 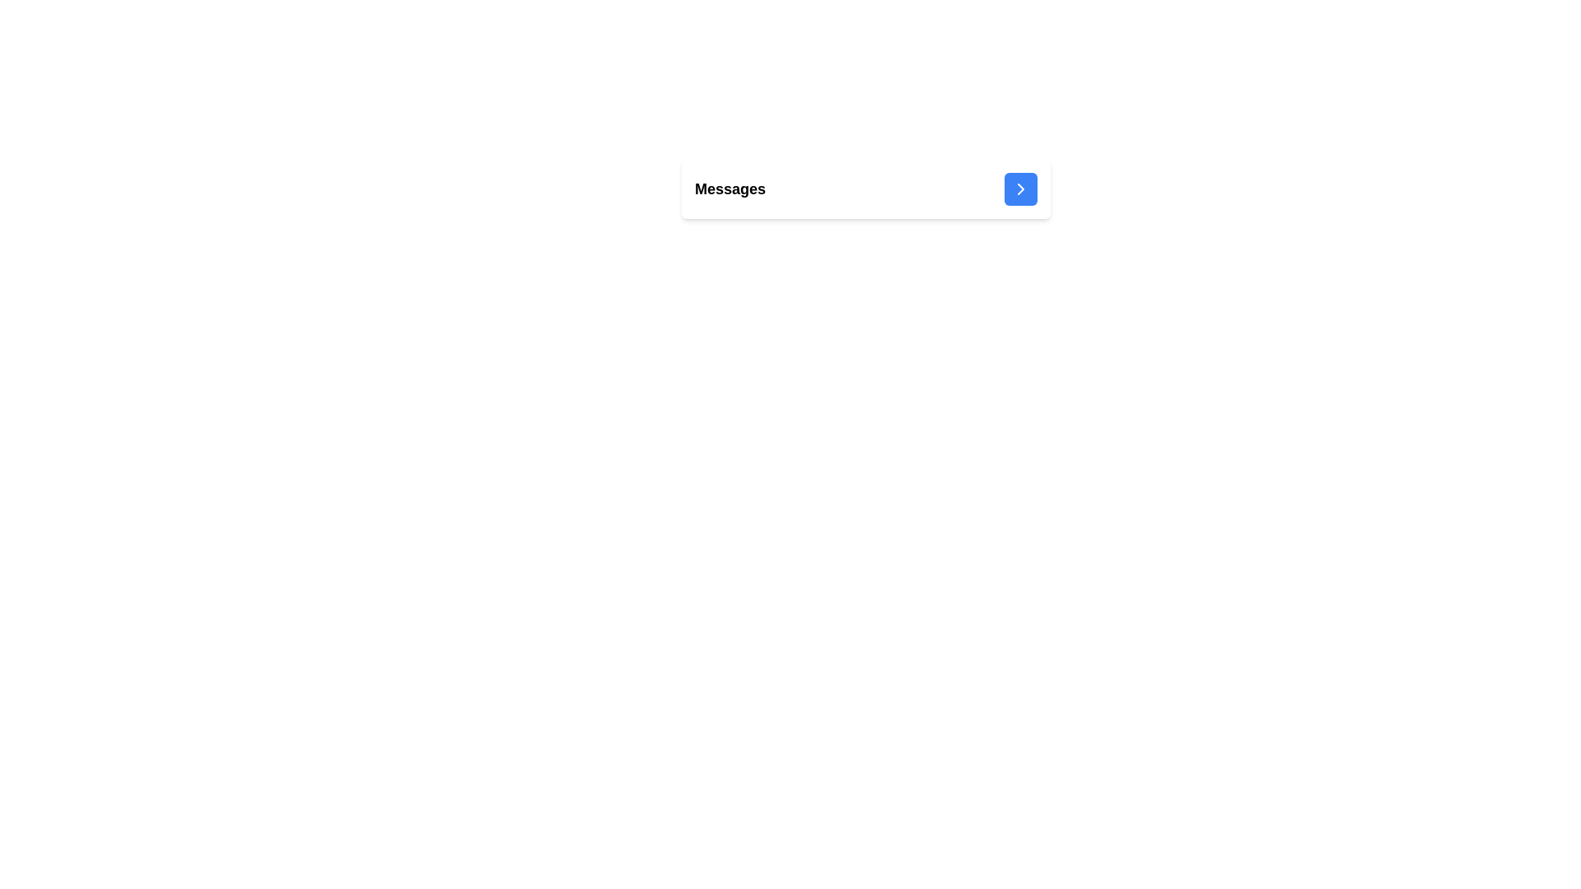 What do you see at coordinates (1019, 189) in the screenshot?
I see `the prominent rounded rectangular blue button with a white chevron right icon located at the far-right side of the 'Messages' group` at bounding box center [1019, 189].